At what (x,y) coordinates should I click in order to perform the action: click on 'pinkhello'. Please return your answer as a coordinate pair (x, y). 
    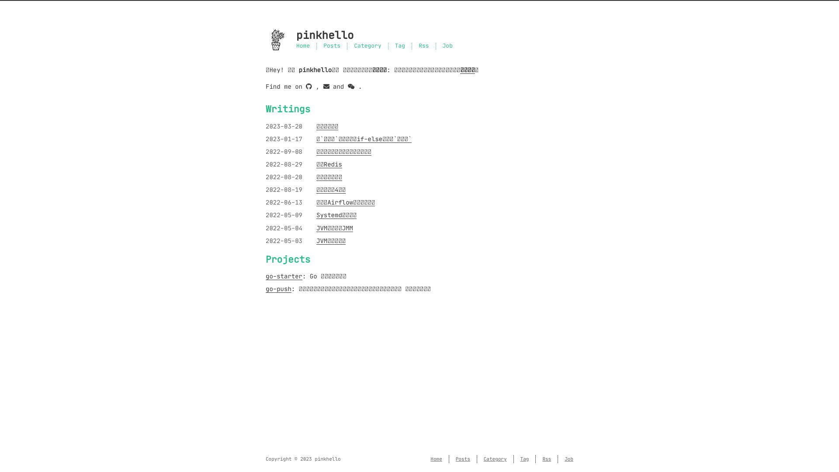
    Looking at the image, I should click on (419, 35).